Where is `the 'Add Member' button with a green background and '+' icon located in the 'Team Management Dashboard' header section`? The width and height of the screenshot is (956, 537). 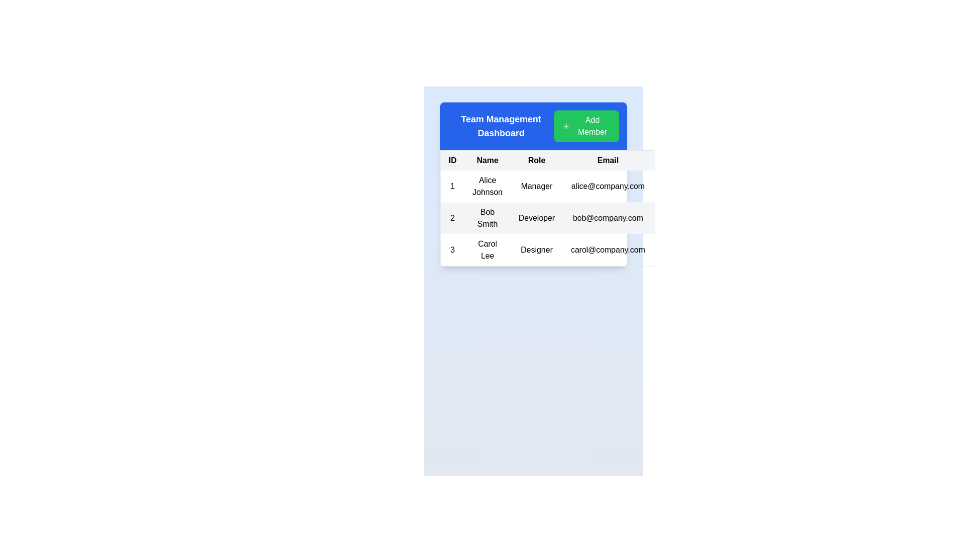
the 'Add Member' button with a green background and '+' icon located in the 'Team Management Dashboard' header section is located at coordinates (586, 126).